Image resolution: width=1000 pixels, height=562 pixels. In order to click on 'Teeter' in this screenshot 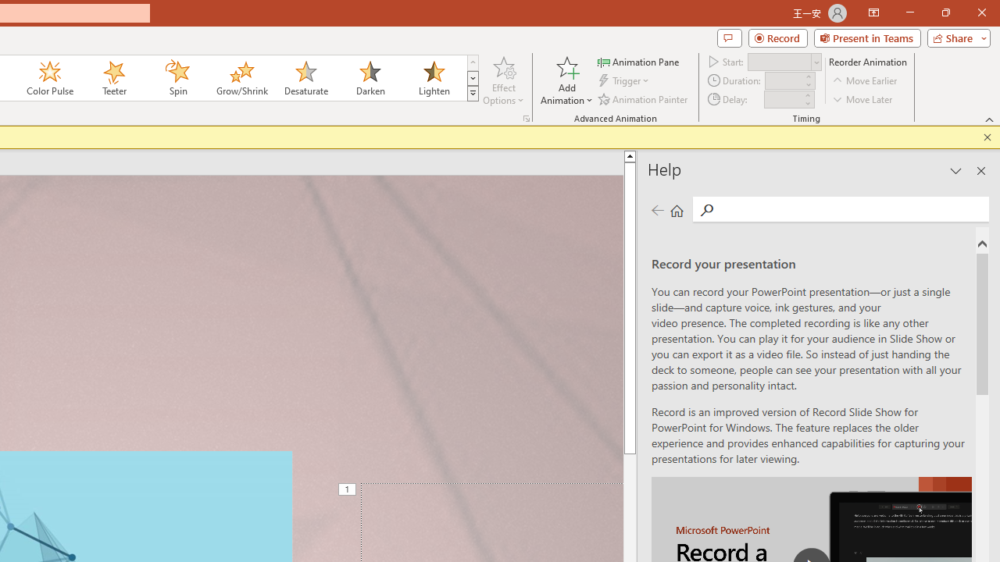, I will do `click(112, 78)`.